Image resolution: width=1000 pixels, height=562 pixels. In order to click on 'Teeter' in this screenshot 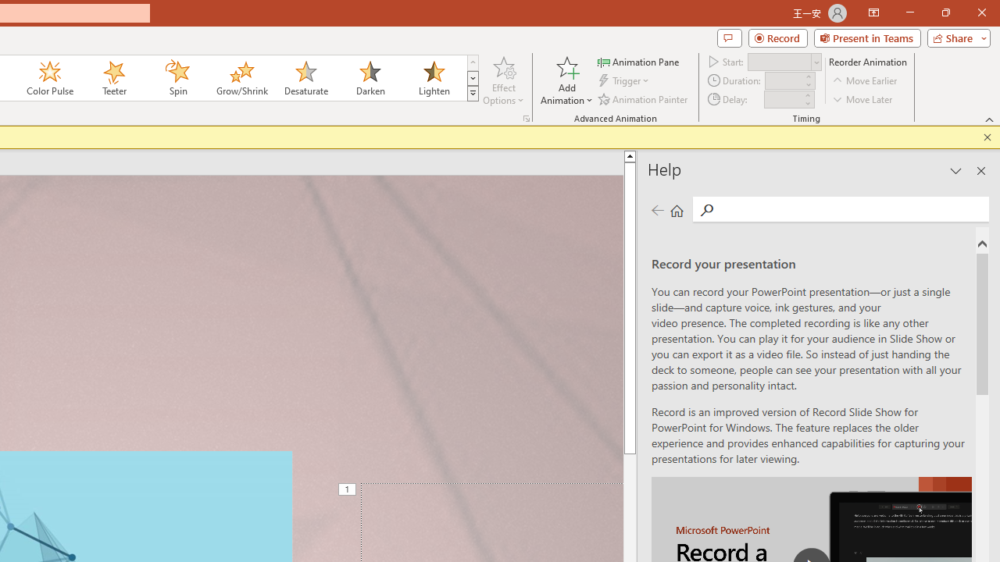, I will do `click(112, 78)`.